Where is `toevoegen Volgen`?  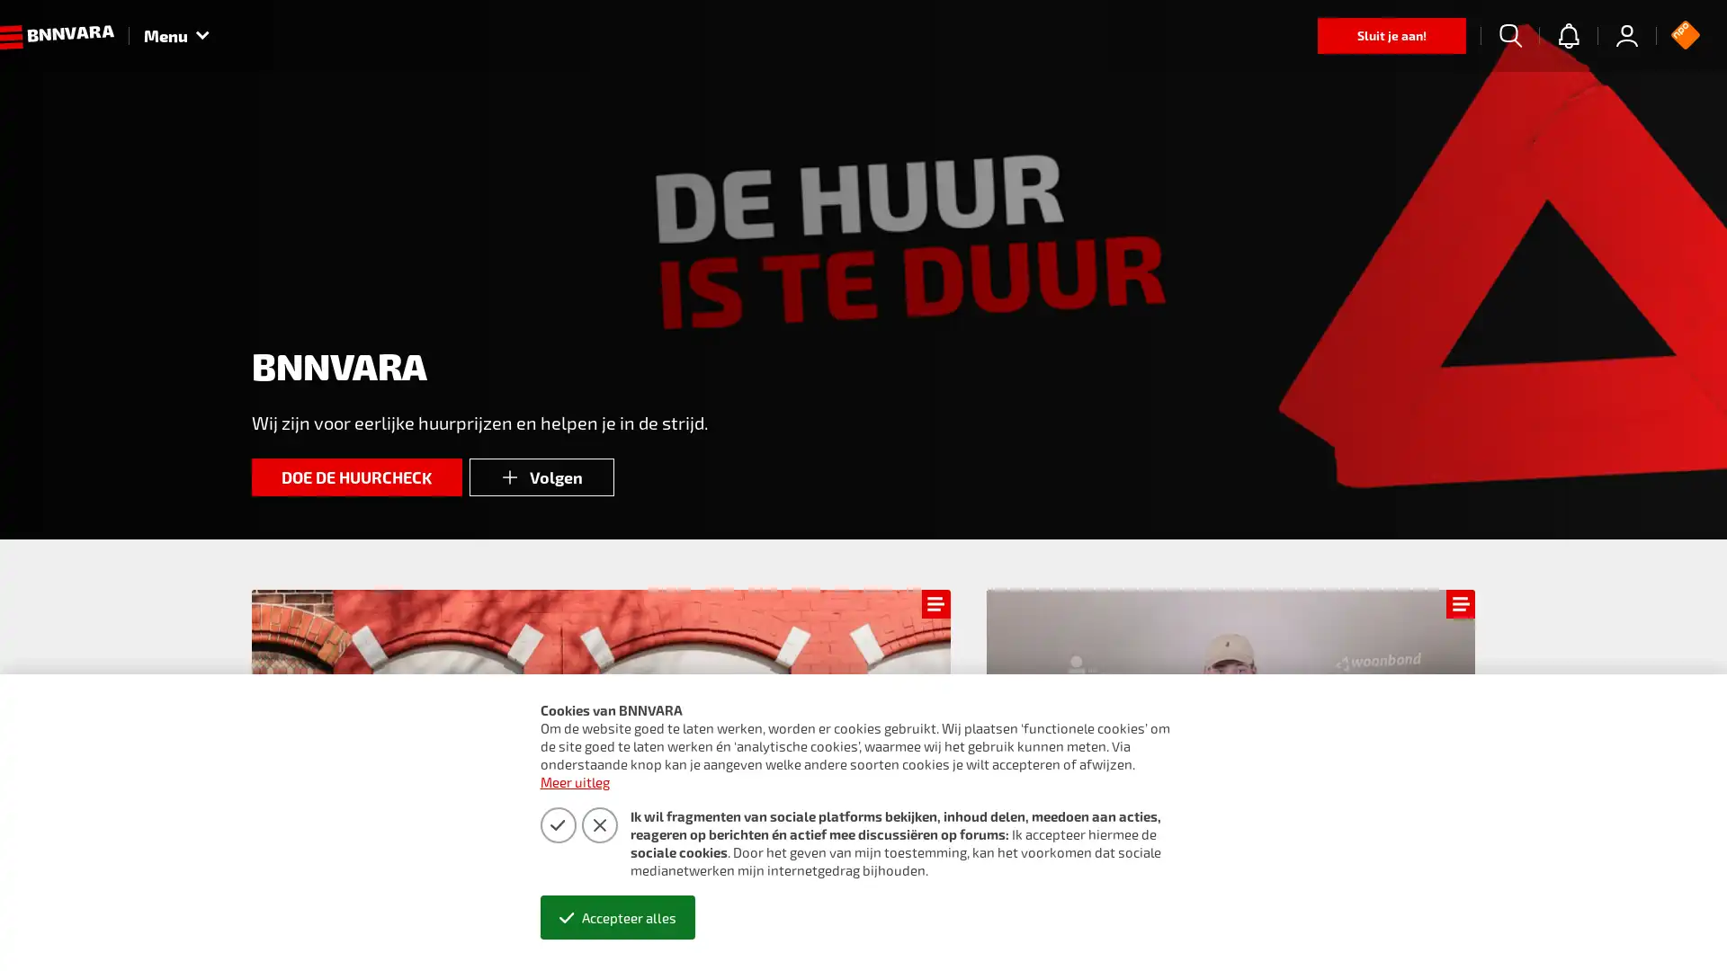 toevoegen Volgen is located at coordinates (541, 477).